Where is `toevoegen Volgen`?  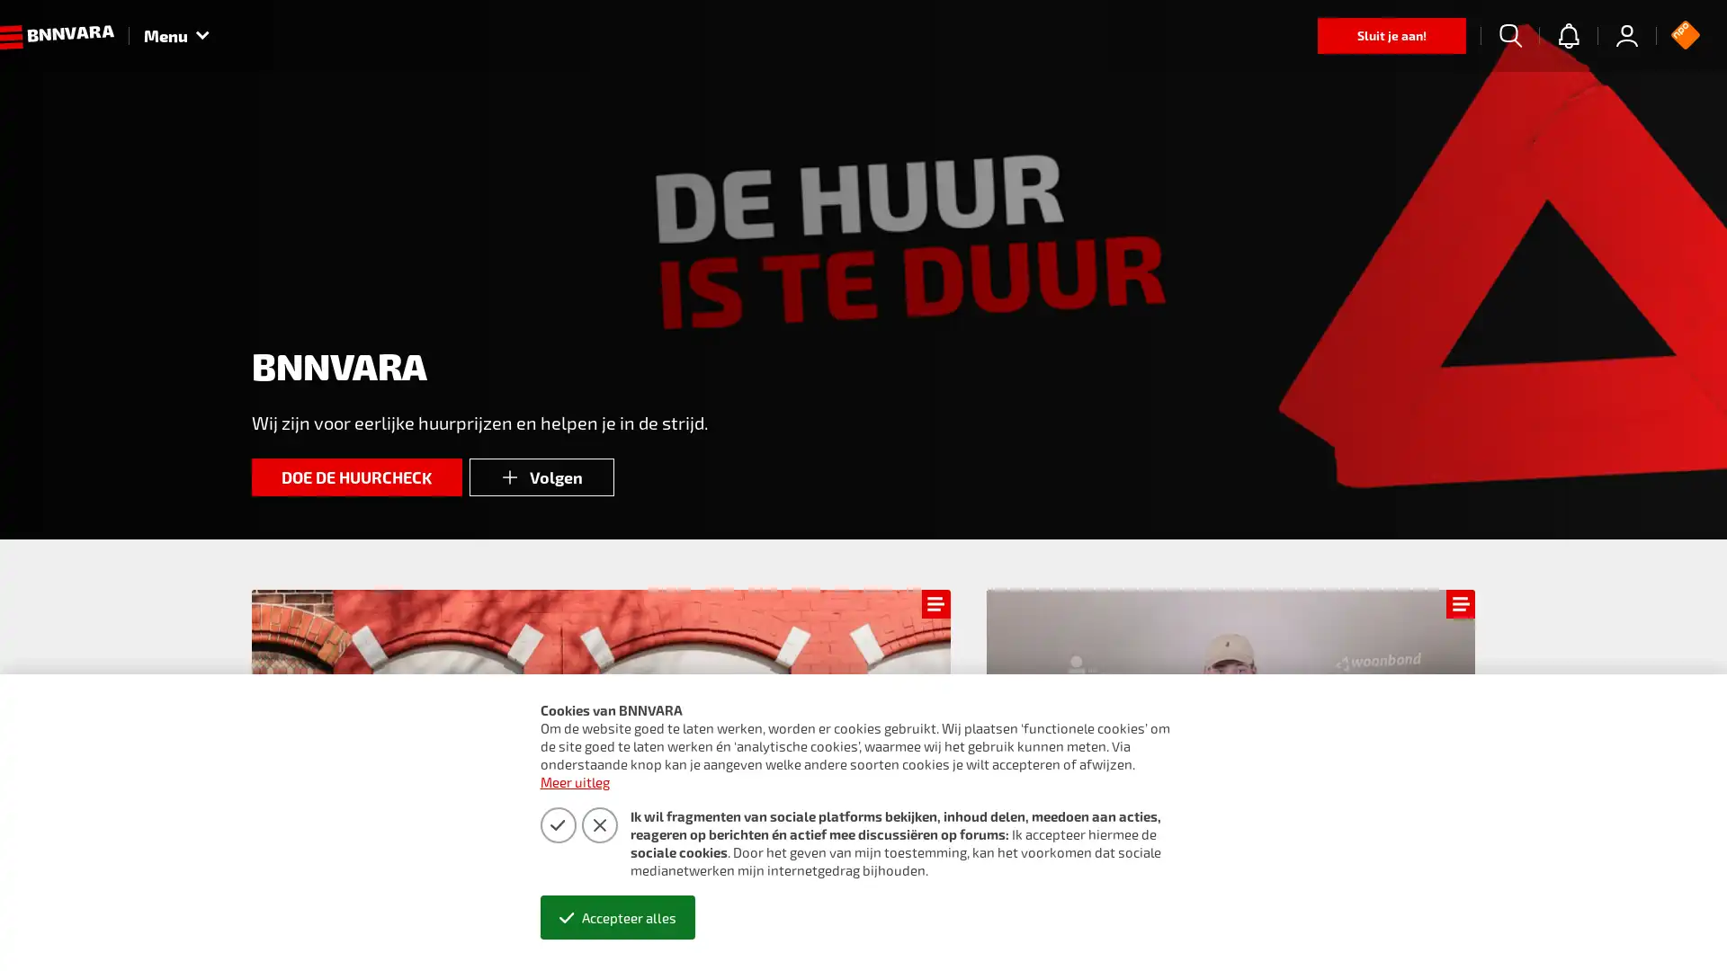 toevoegen Volgen is located at coordinates (541, 477).